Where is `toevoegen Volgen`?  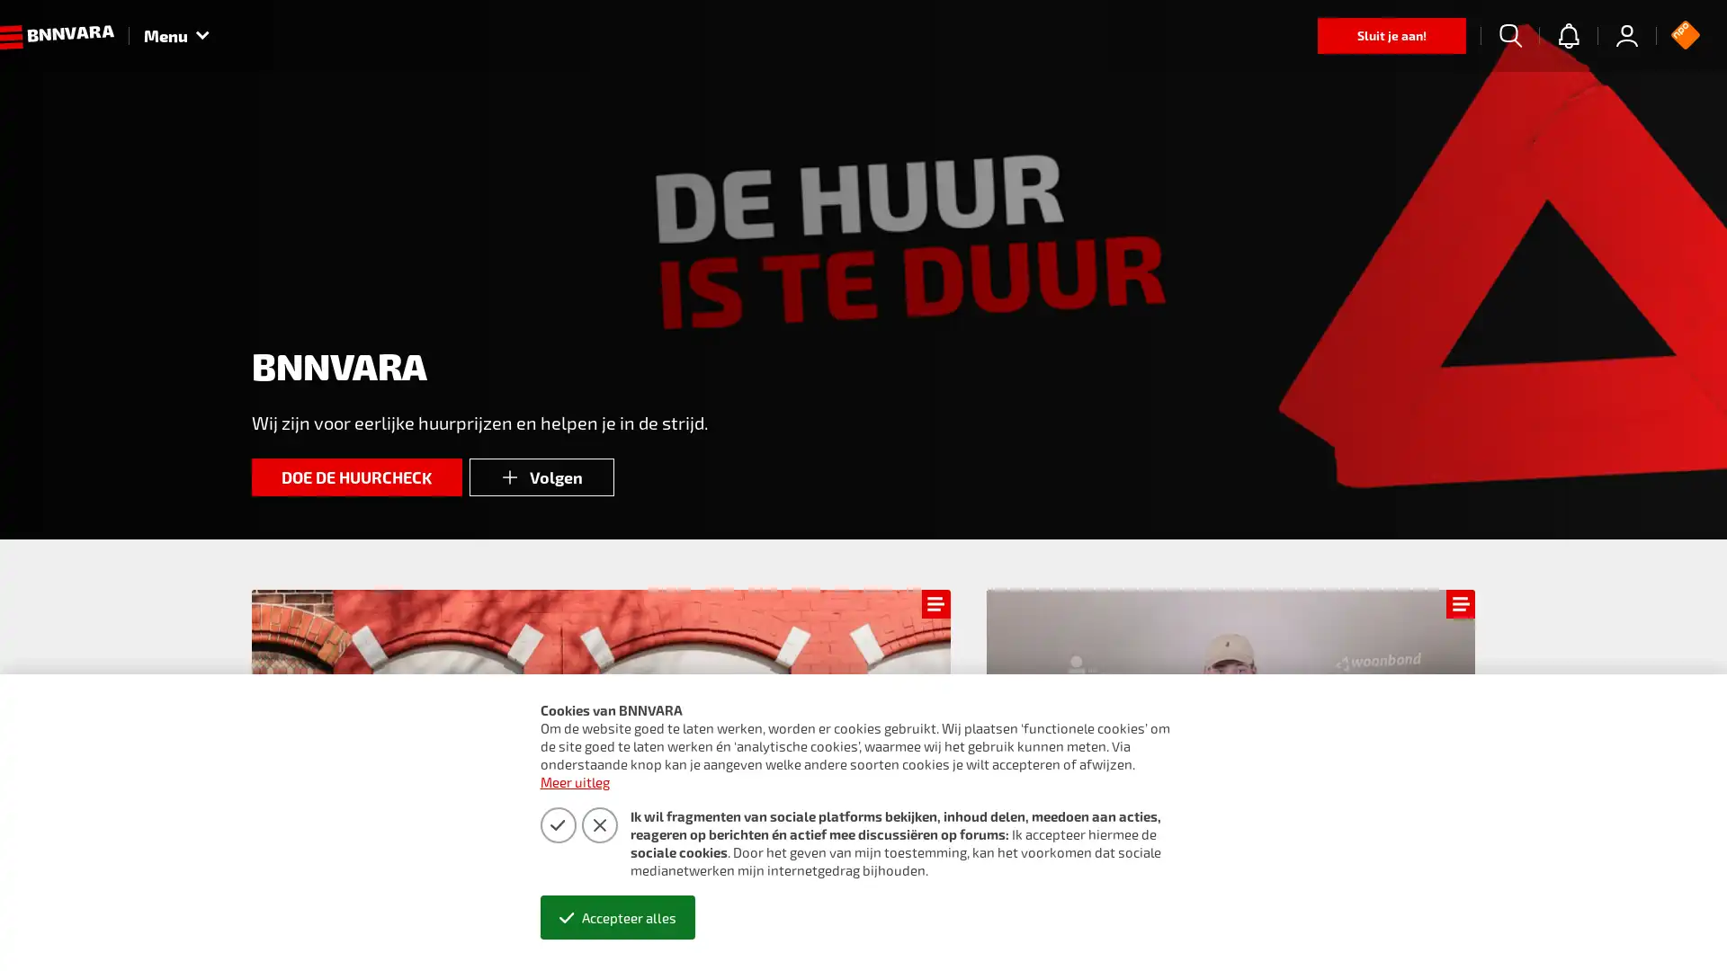 toevoegen Volgen is located at coordinates (541, 477).